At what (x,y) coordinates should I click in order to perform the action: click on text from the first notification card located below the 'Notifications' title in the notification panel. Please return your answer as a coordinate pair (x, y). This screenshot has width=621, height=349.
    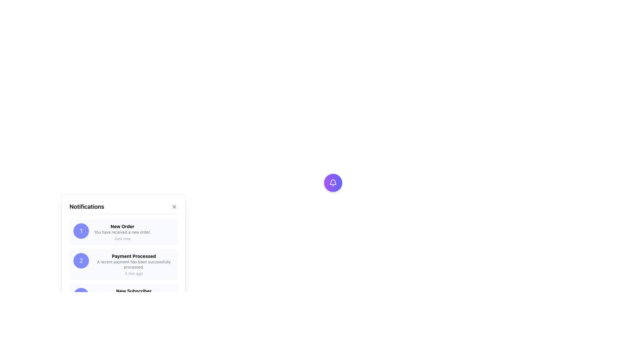
    Looking at the image, I should click on (124, 232).